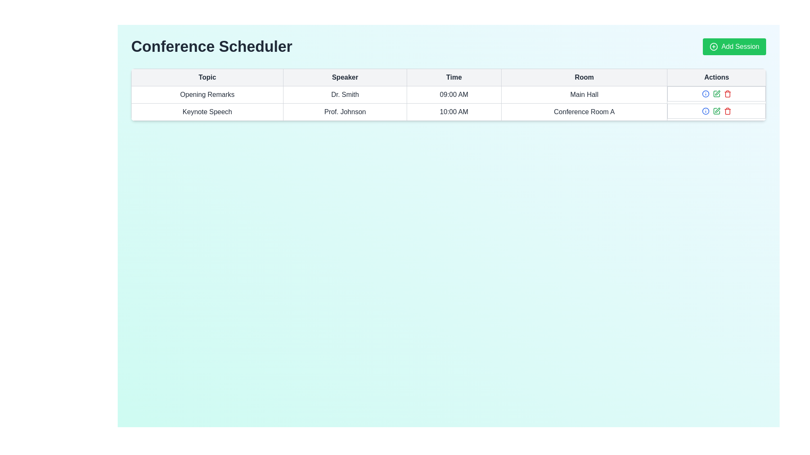 This screenshot has width=810, height=455. What do you see at coordinates (713, 47) in the screenshot?
I see `the circular green outlined icon with a plus symbol ('+') located to the left of the 'Add Session' button in the top-right corner of the interface` at bounding box center [713, 47].